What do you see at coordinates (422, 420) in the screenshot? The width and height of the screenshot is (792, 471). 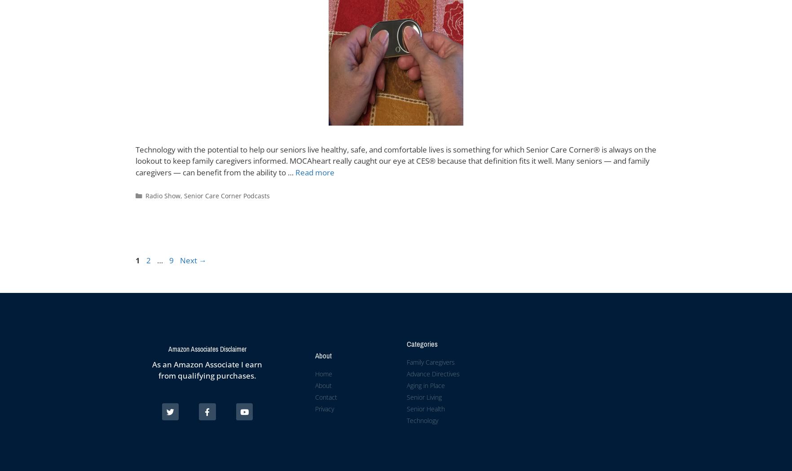 I see `'Technology'` at bounding box center [422, 420].